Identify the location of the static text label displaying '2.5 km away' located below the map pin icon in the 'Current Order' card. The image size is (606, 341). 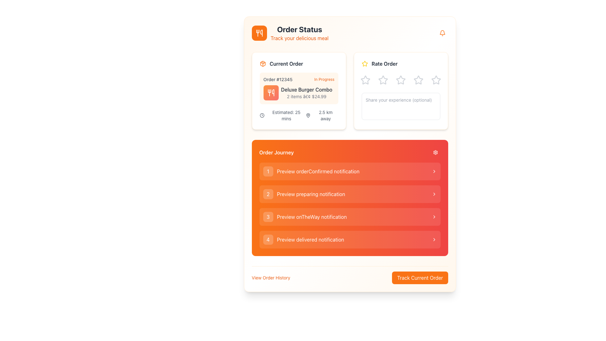
(326, 116).